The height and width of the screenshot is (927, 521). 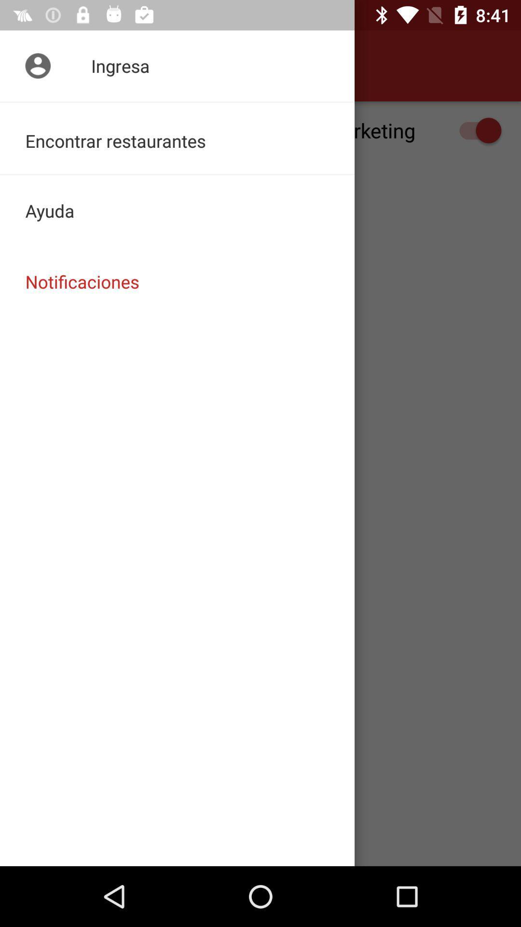 I want to click on the recibir notificaciones de icon, so click(x=260, y=129).